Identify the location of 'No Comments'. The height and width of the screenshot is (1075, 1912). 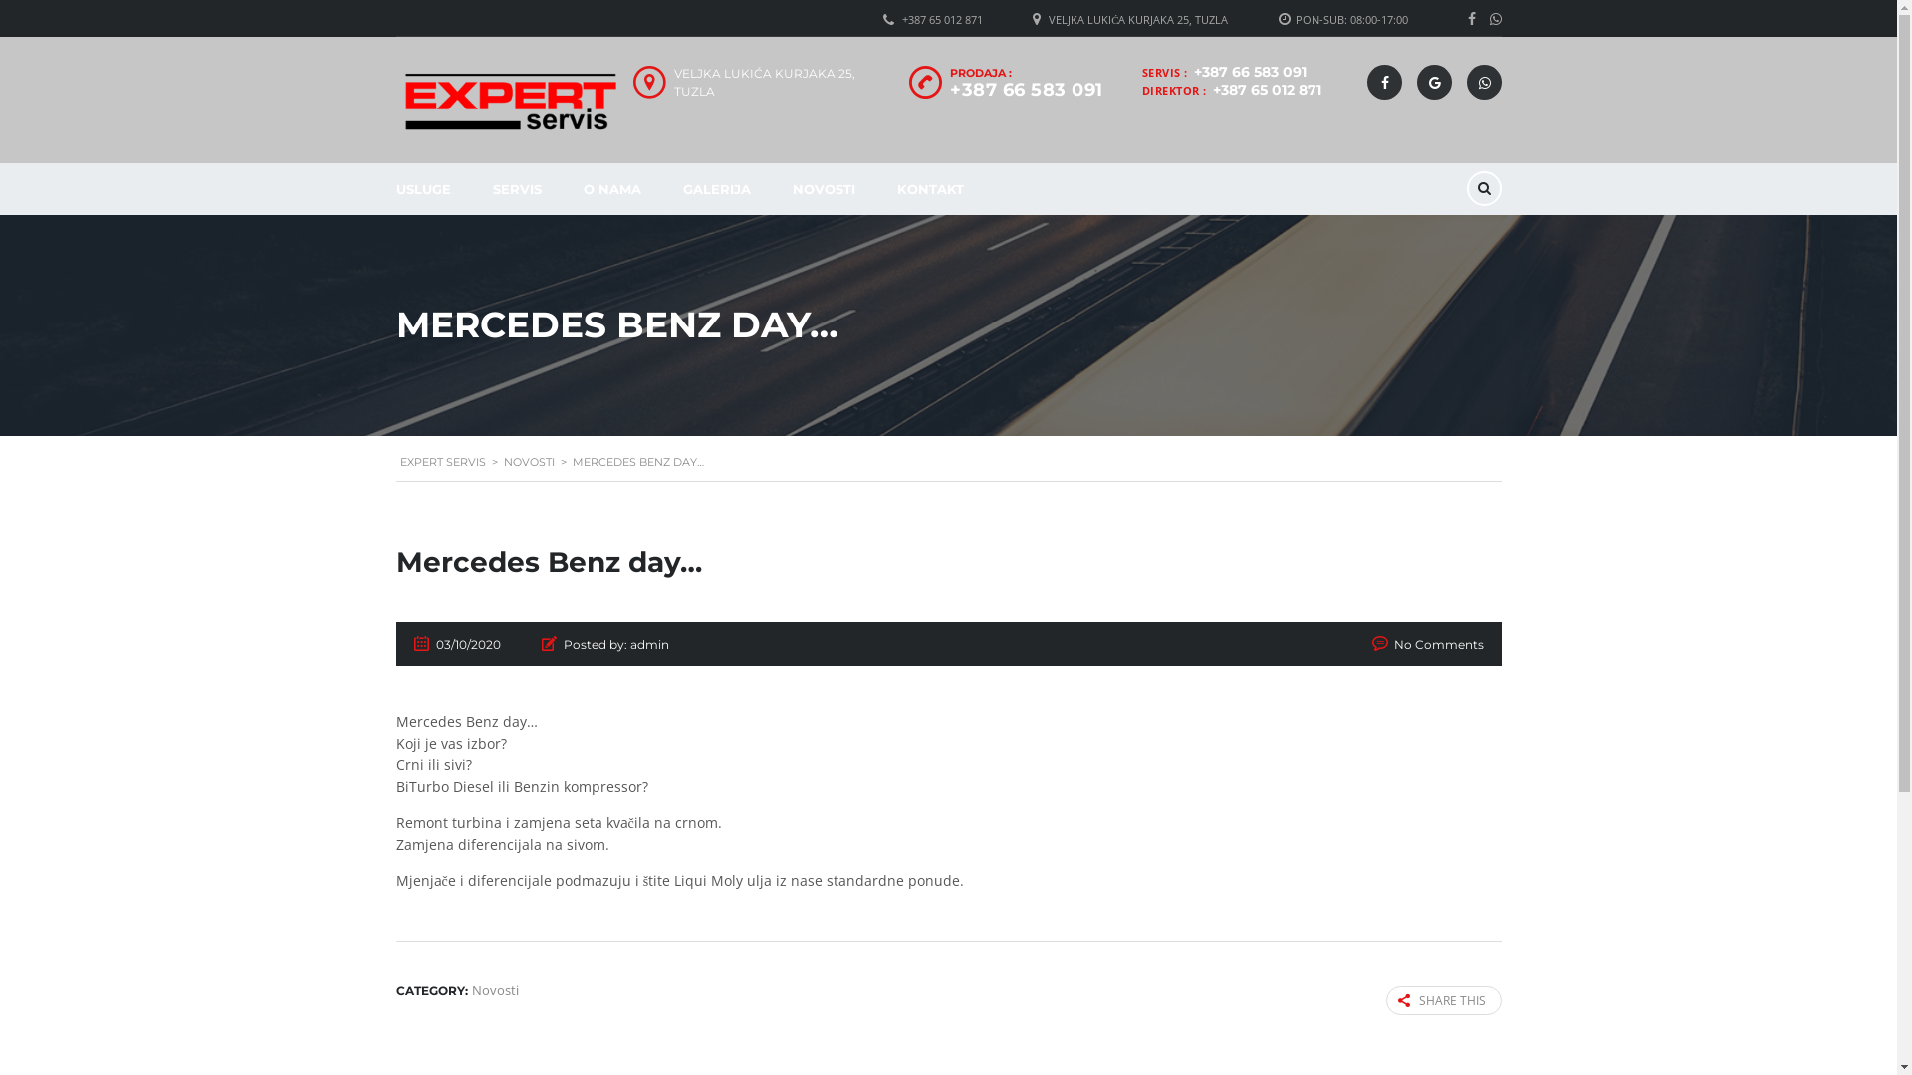
(1393, 644).